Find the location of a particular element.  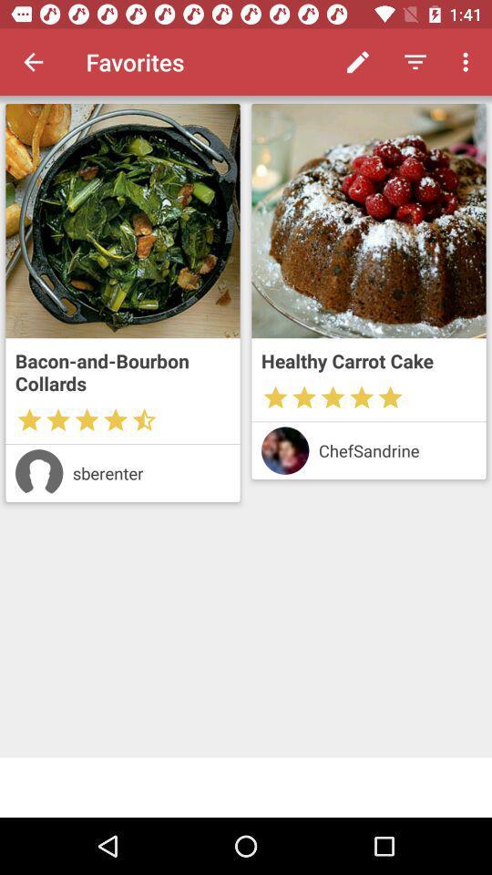

open perfil option is located at coordinates (39, 472).